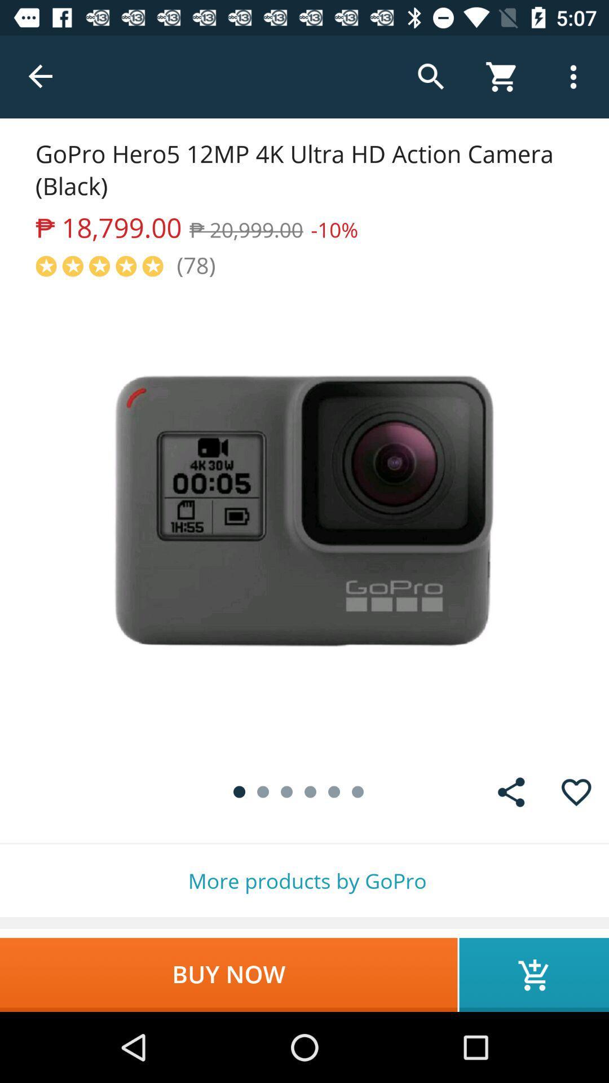 This screenshot has height=1083, width=609. Describe the element at coordinates (304, 880) in the screenshot. I see `item above the buy now item` at that location.